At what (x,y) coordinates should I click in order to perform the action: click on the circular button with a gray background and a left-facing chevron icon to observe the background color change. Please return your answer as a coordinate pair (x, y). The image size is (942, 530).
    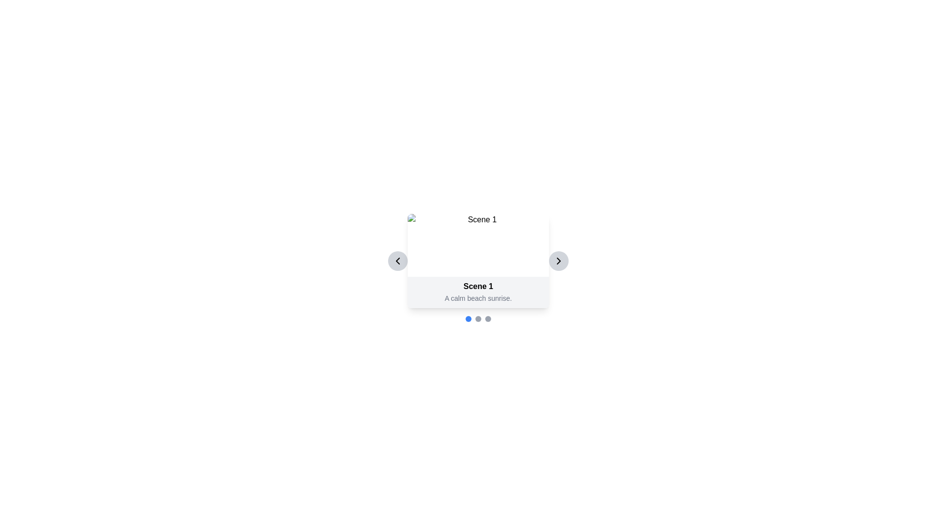
    Looking at the image, I should click on (398, 261).